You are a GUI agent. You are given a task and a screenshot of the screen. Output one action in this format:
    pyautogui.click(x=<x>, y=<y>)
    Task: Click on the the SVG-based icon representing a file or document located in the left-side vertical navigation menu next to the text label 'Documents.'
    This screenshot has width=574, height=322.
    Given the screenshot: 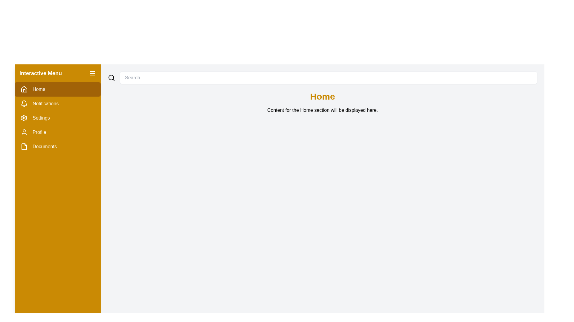 What is the action you would take?
    pyautogui.click(x=24, y=147)
    